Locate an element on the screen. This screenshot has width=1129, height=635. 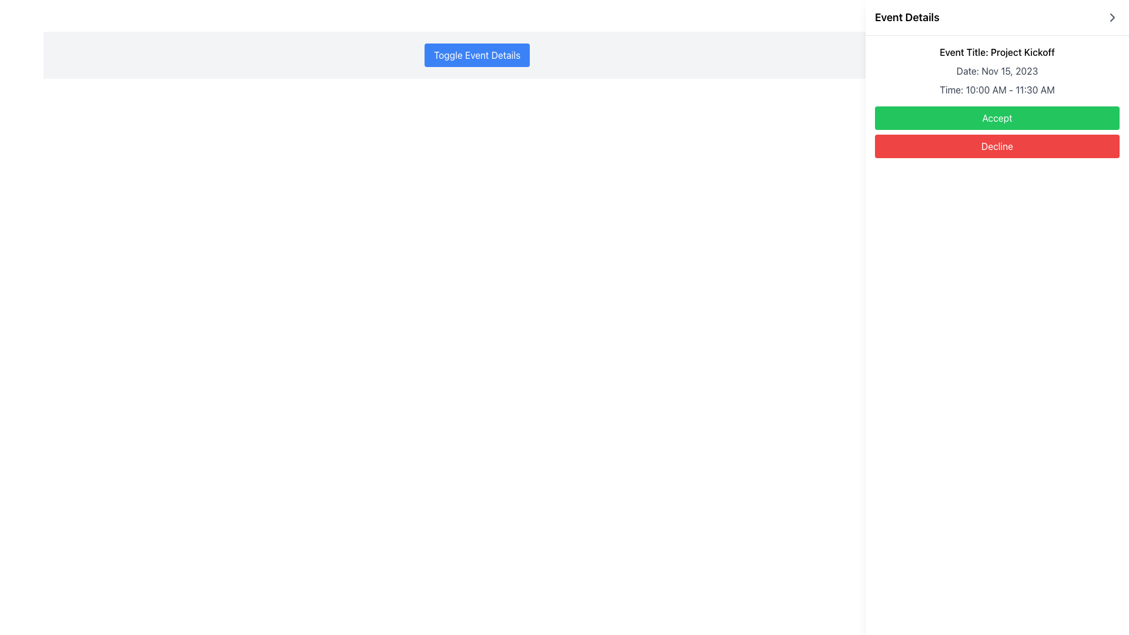
the buttons in the 'Event Details' panel that allow users to accept or decline the event invitation is located at coordinates (996, 132).